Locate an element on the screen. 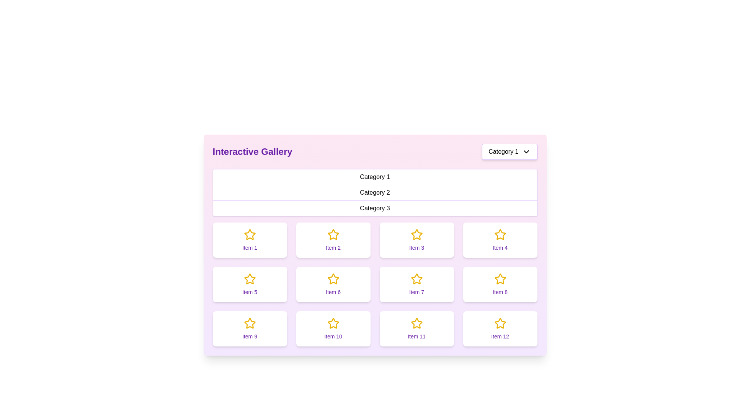 This screenshot has height=413, width=735. the star button located in the second row, third column of the interactive gallery grid under the label 'Item 7' to mark it as a favorite or rate it positively is located at coordinates (416, 279).